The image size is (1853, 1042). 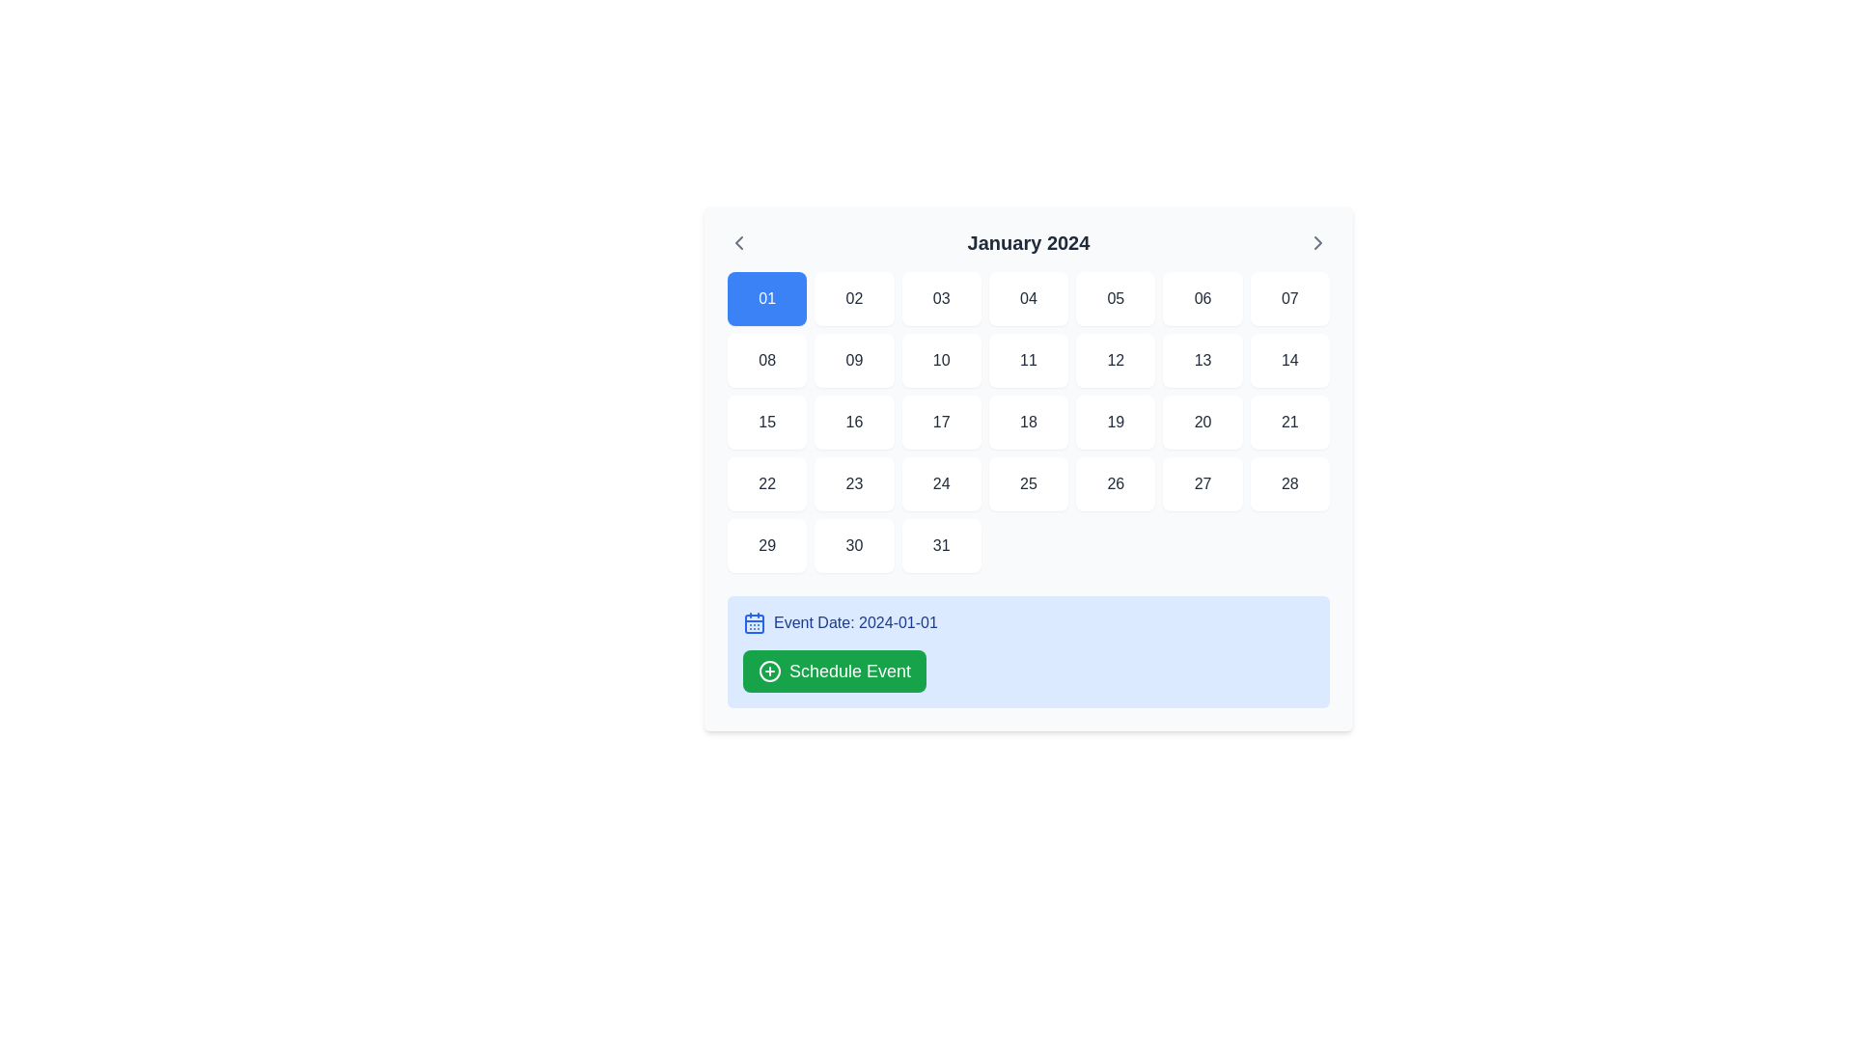 I want to click on the schedule event button located in the light blue section below the text 'Event Date: 2024-01-01', so click(x=834, y=670).